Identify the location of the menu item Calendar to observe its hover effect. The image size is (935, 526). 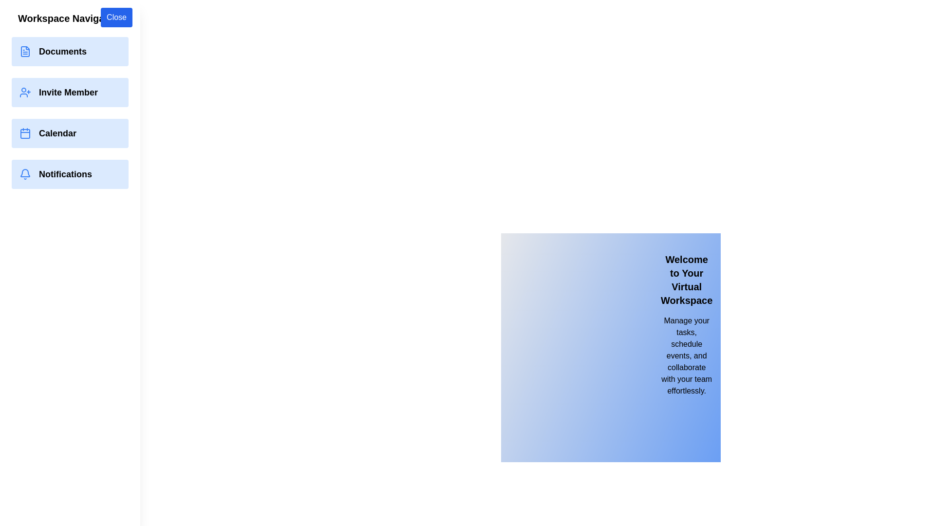
(70, 133).